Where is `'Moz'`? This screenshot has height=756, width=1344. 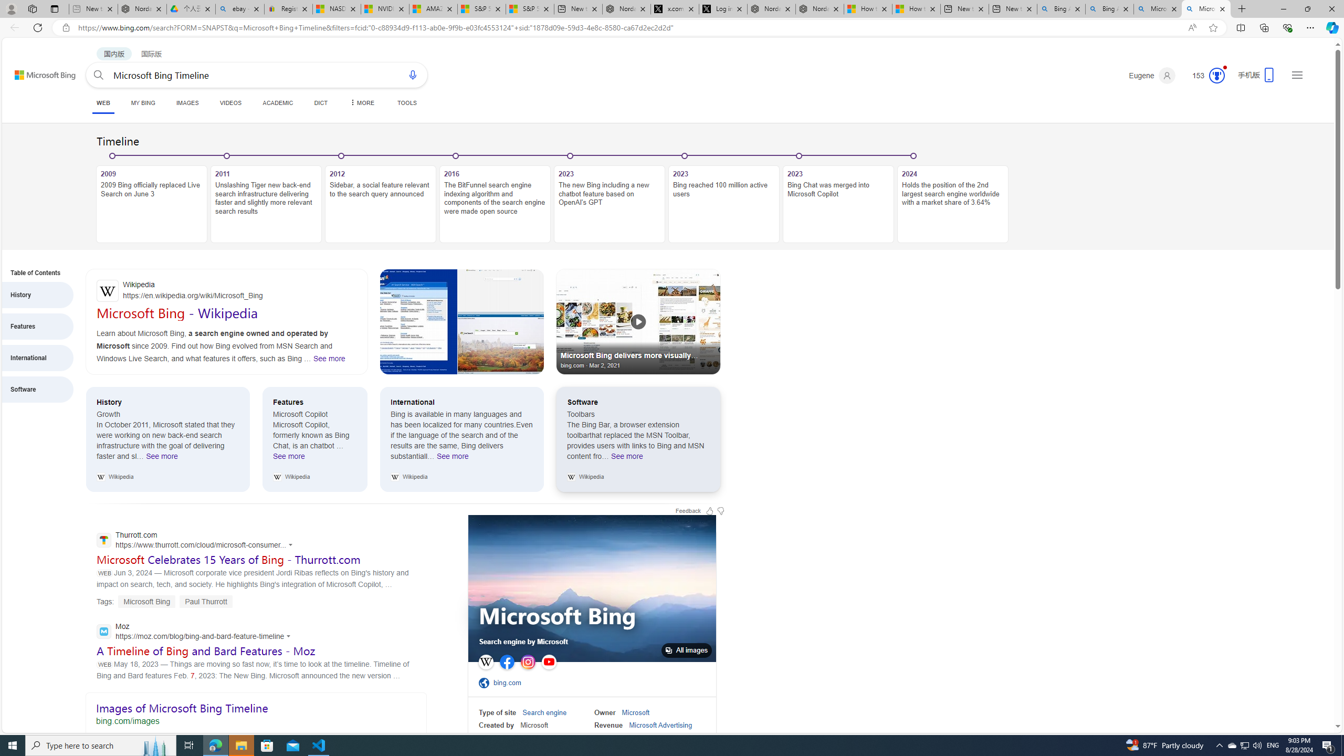
'Moz' is located at coordinates (197, 632).